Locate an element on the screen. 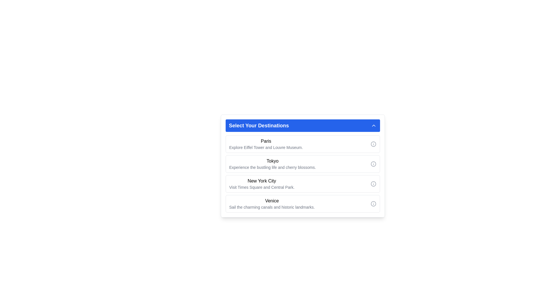 The image size is (547, 307). the non-interactive label 'Paris' which indicates the destination's name, located at the top of the section under 'Select Your Destinations' is located at coordinates (266, 141).